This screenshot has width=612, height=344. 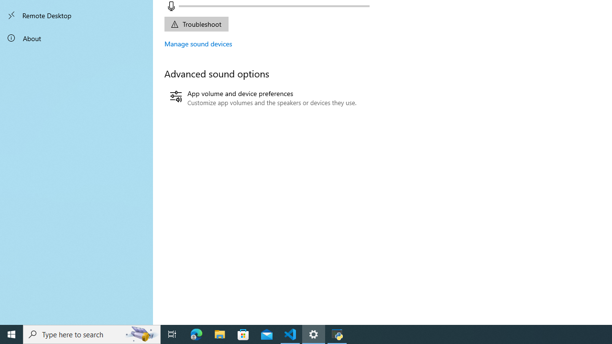 What do you see at coordinates (263, 98) in the screenshot?
I see `'App volume and device preferences'` at bounding box center [263, 98].